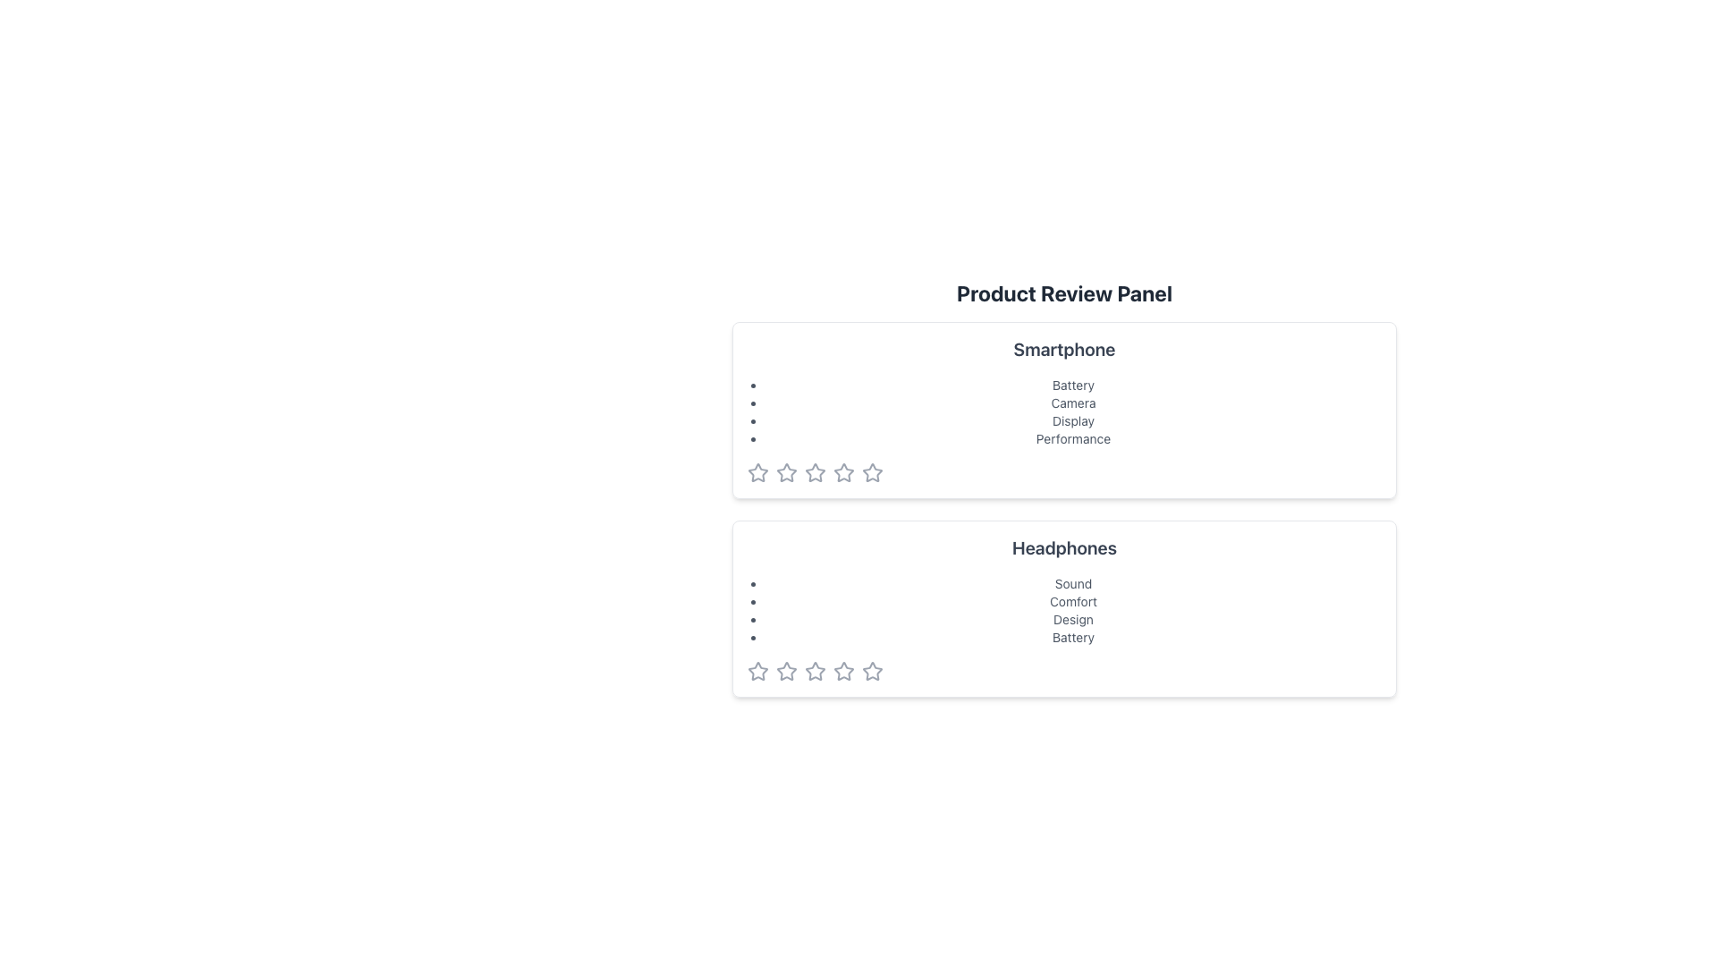  Describe the element at coordinates (843, 471) in the screenshot. I see `the fourth star icon in the rating system within the 'Smartphone' section of the 'Product Review Panel'` at that location.